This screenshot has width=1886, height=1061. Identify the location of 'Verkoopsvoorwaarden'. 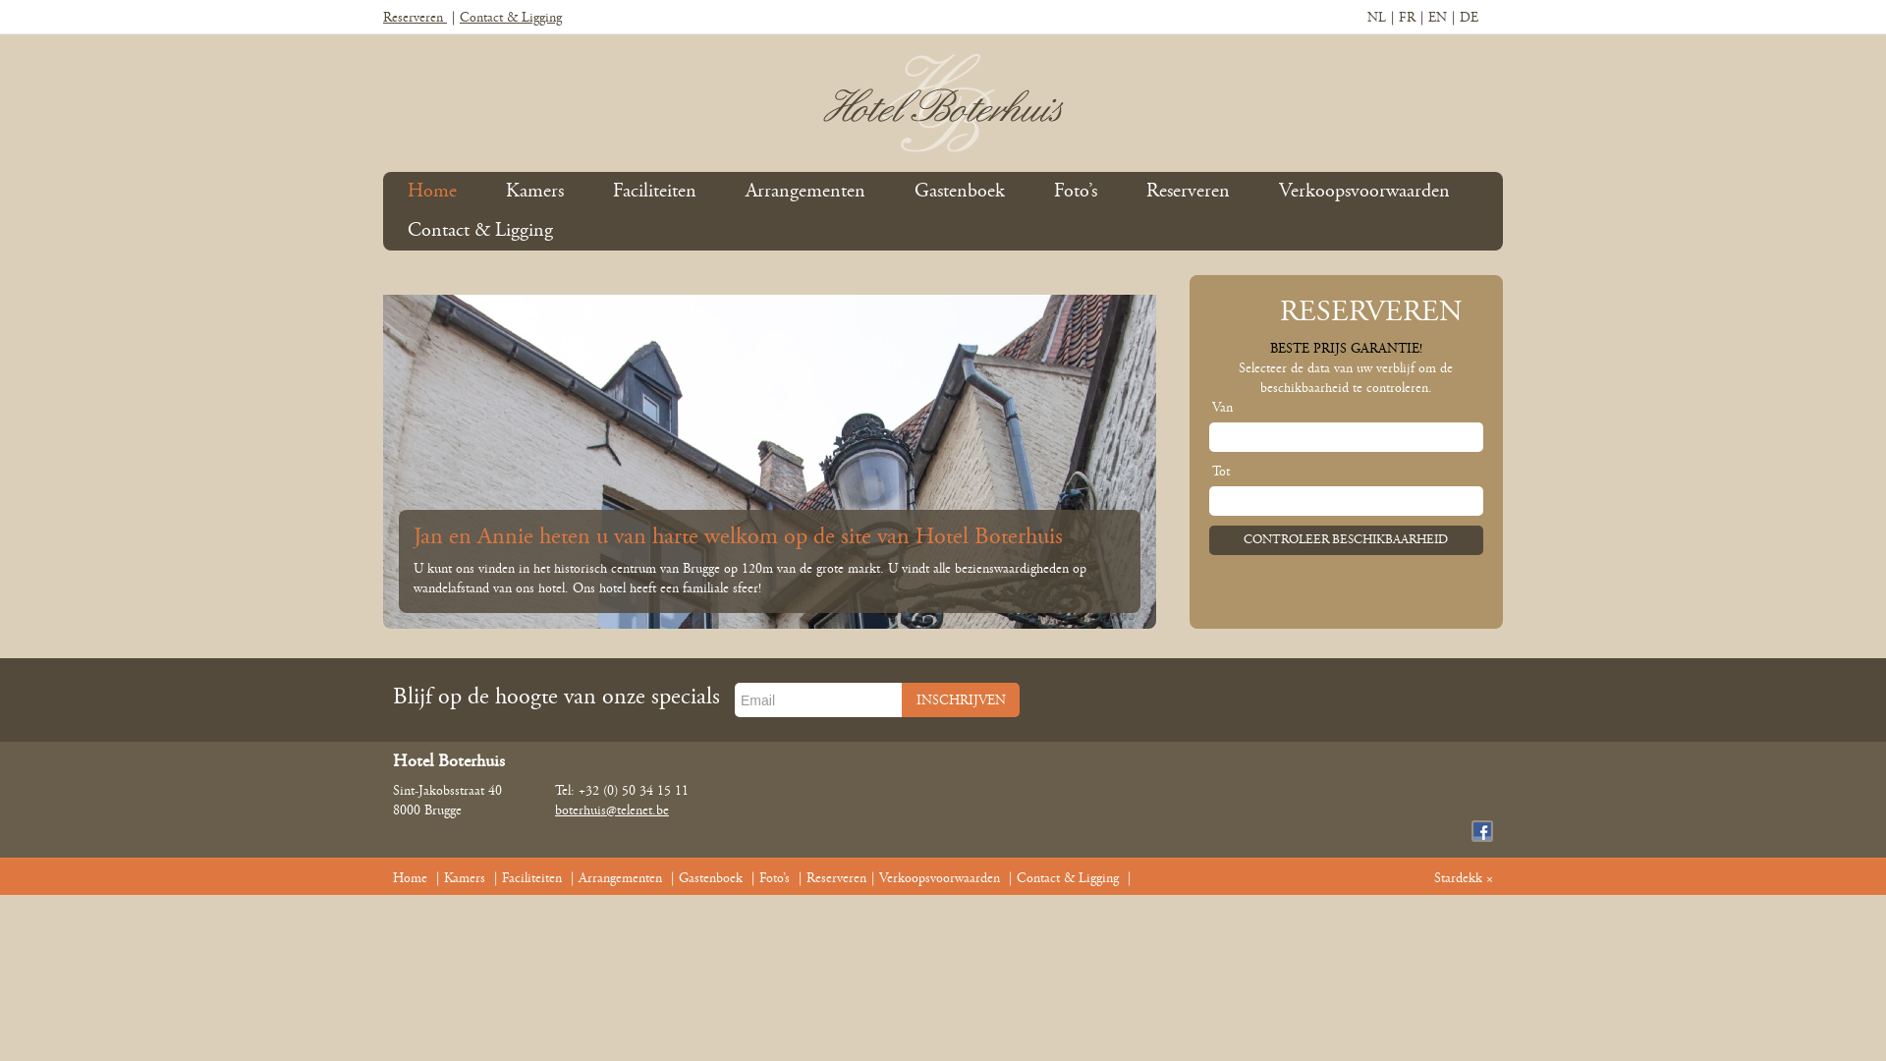
(938, 877).